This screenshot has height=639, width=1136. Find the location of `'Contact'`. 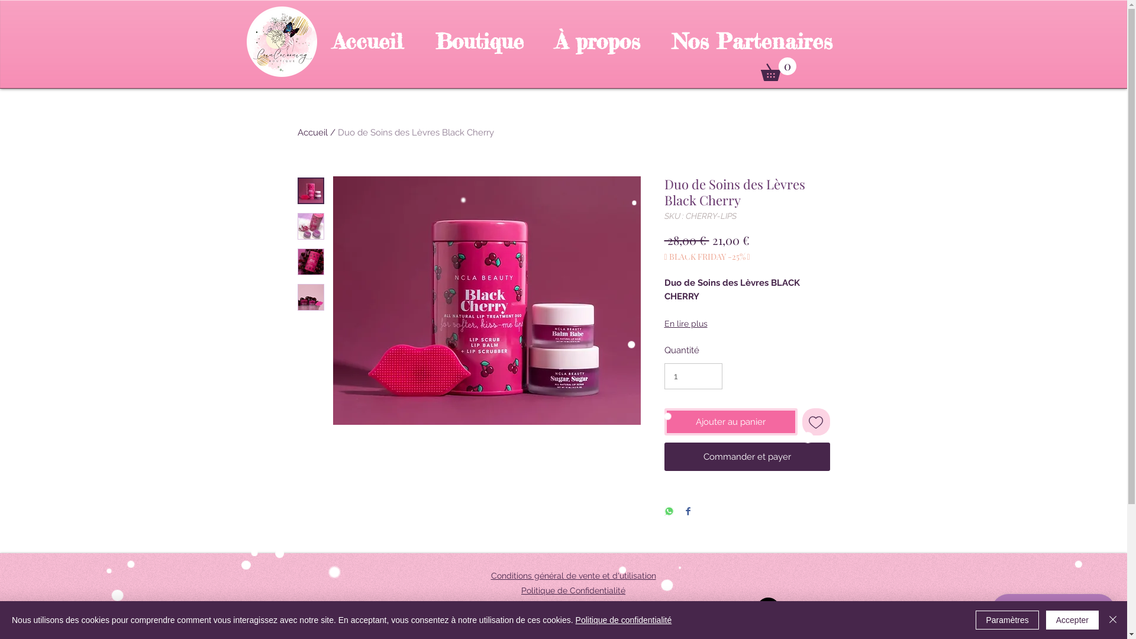

'Contact' is located at coordinates (557, 619).